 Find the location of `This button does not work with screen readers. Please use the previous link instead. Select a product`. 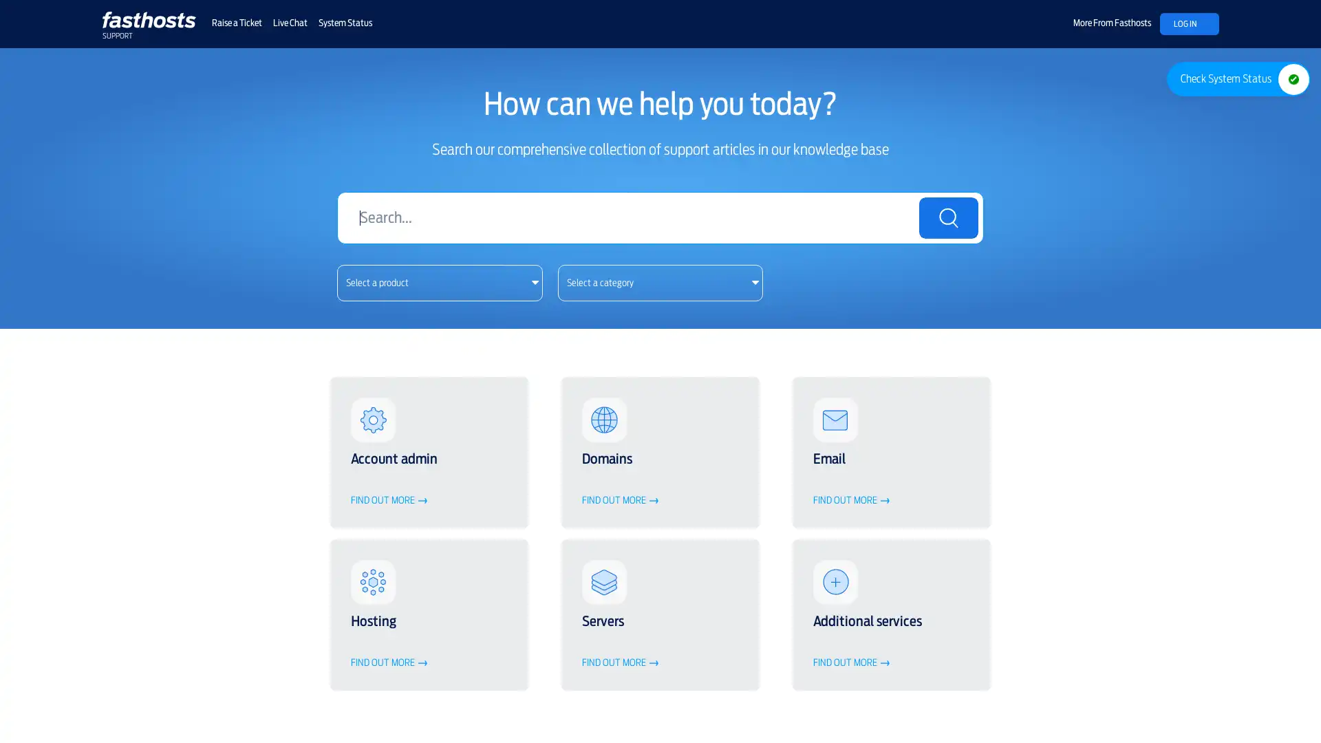

This button does not work with screen readers. Please use the previous link instead. Select a product is located at coordinates (438, 281).